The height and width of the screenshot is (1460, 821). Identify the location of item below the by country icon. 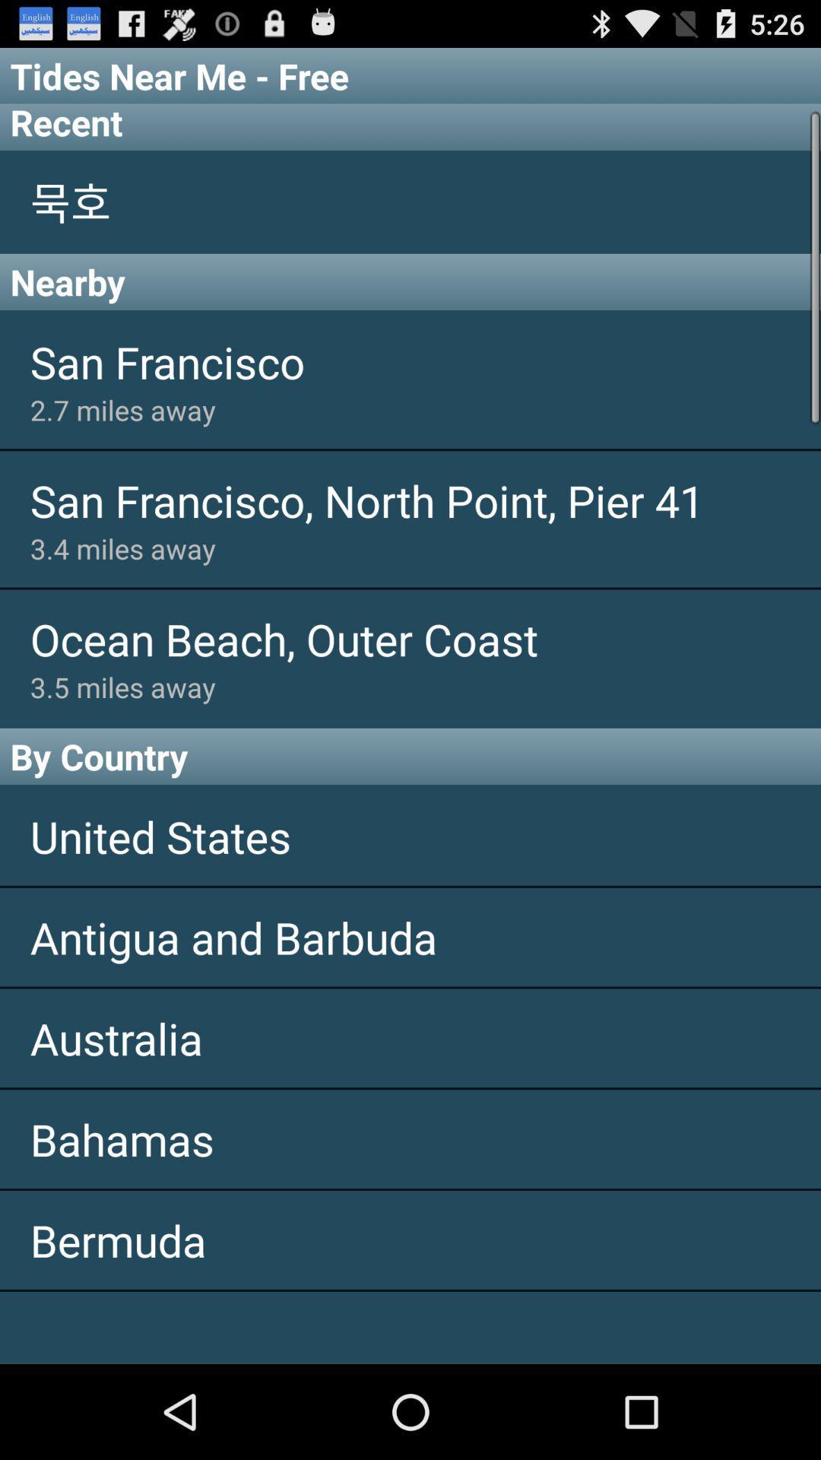
(410, 835).